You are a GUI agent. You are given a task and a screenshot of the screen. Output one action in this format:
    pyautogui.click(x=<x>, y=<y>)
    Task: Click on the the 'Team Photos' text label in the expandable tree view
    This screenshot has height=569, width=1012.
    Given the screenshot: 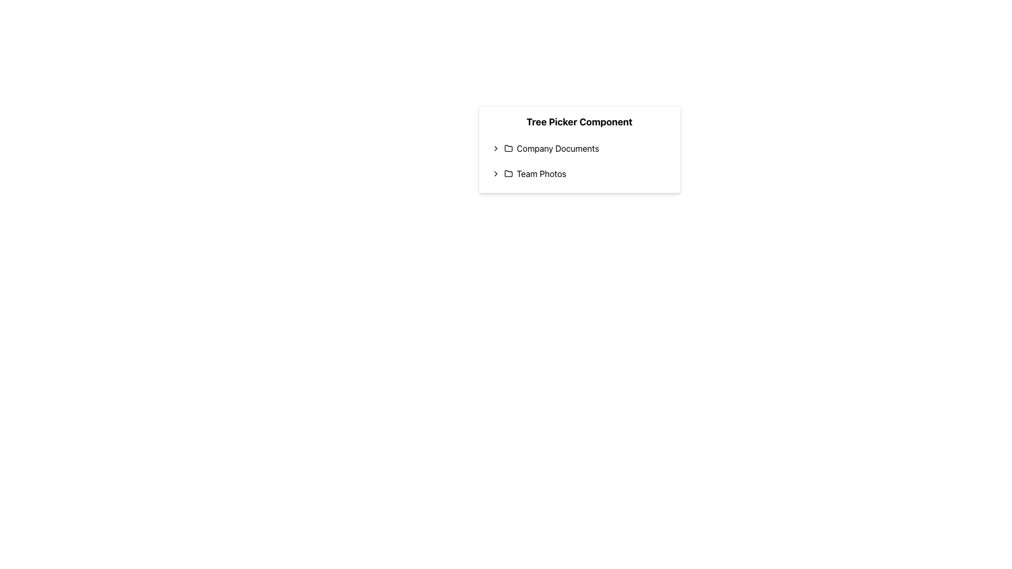 What is the action you would take?
    pyautogui.click(x=541, y=173)
    